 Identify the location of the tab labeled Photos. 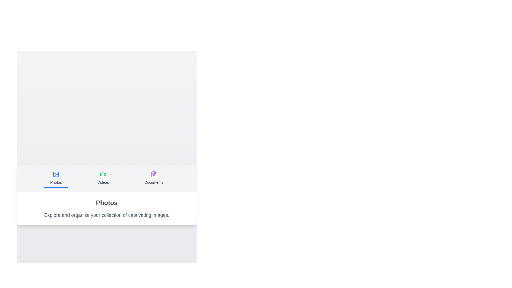
(56, 178).